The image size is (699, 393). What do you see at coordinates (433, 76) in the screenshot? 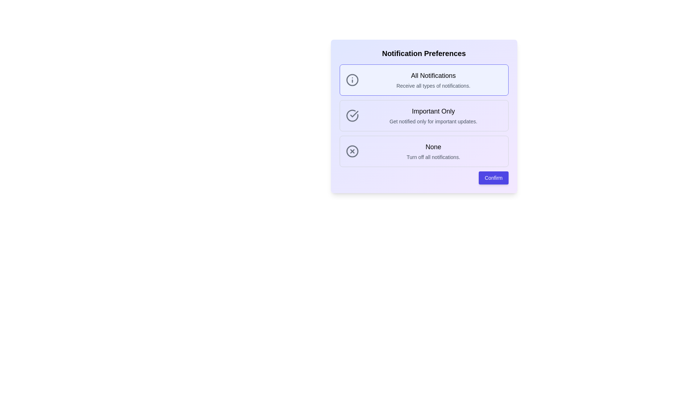
I see `the 'All Notifications' text label, which serves as the title for the first notification option in the 'Notification Preferences' interface` at bounding box center [433, 76].